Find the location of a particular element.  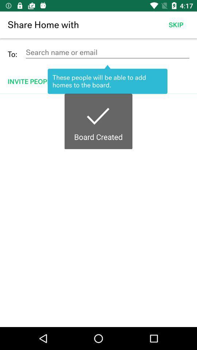

correct option is located at coordinates (98, 210).